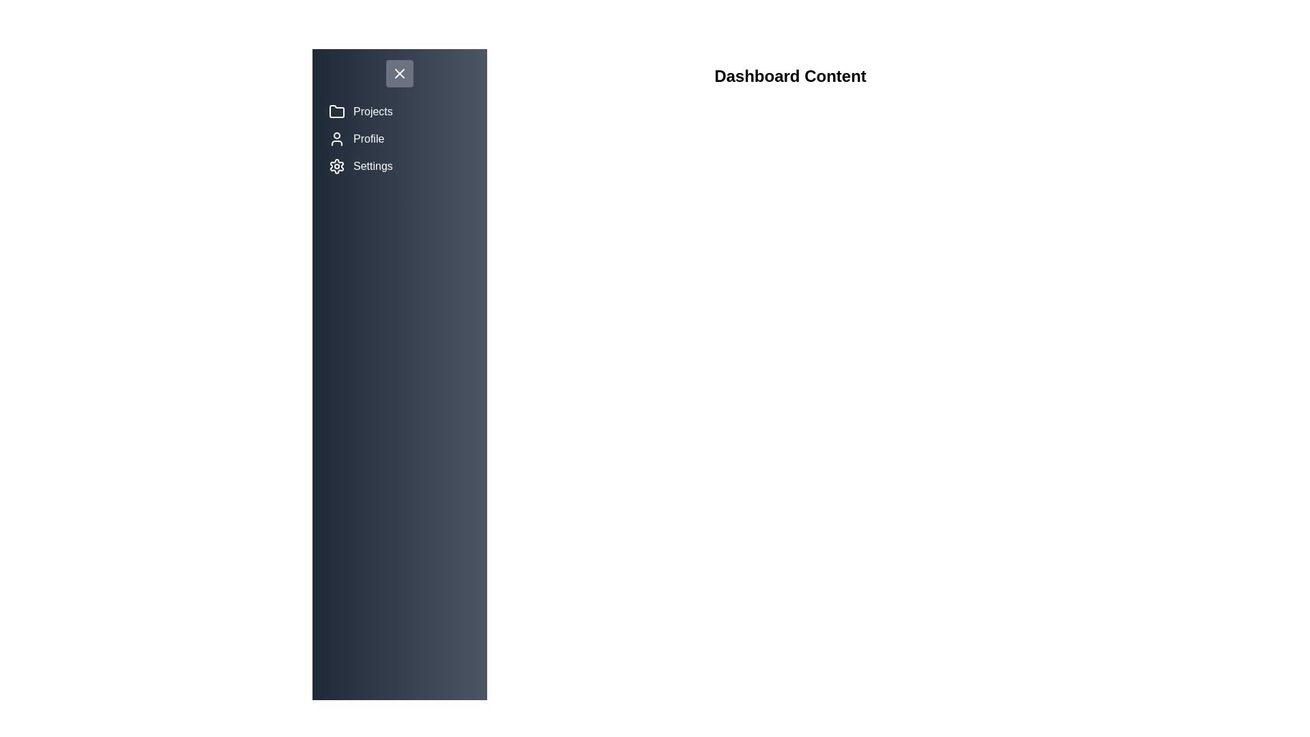  I want to click on the menu item Projects to navigate, so click(398, 111).